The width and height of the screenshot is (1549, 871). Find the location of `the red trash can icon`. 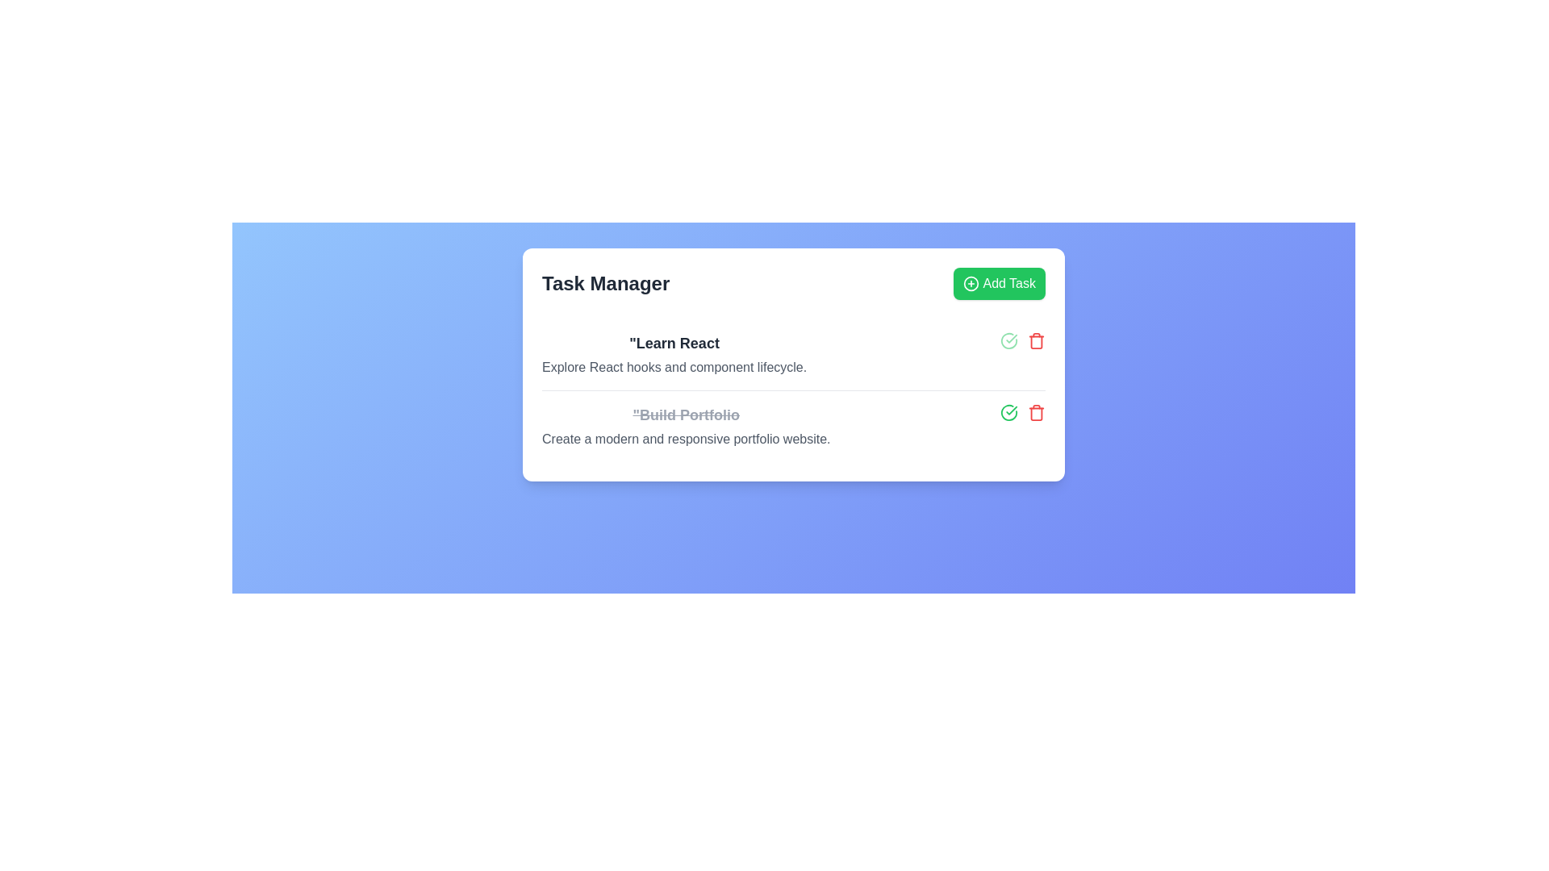

the red trash can icon is located at coordinates (1037, 412).